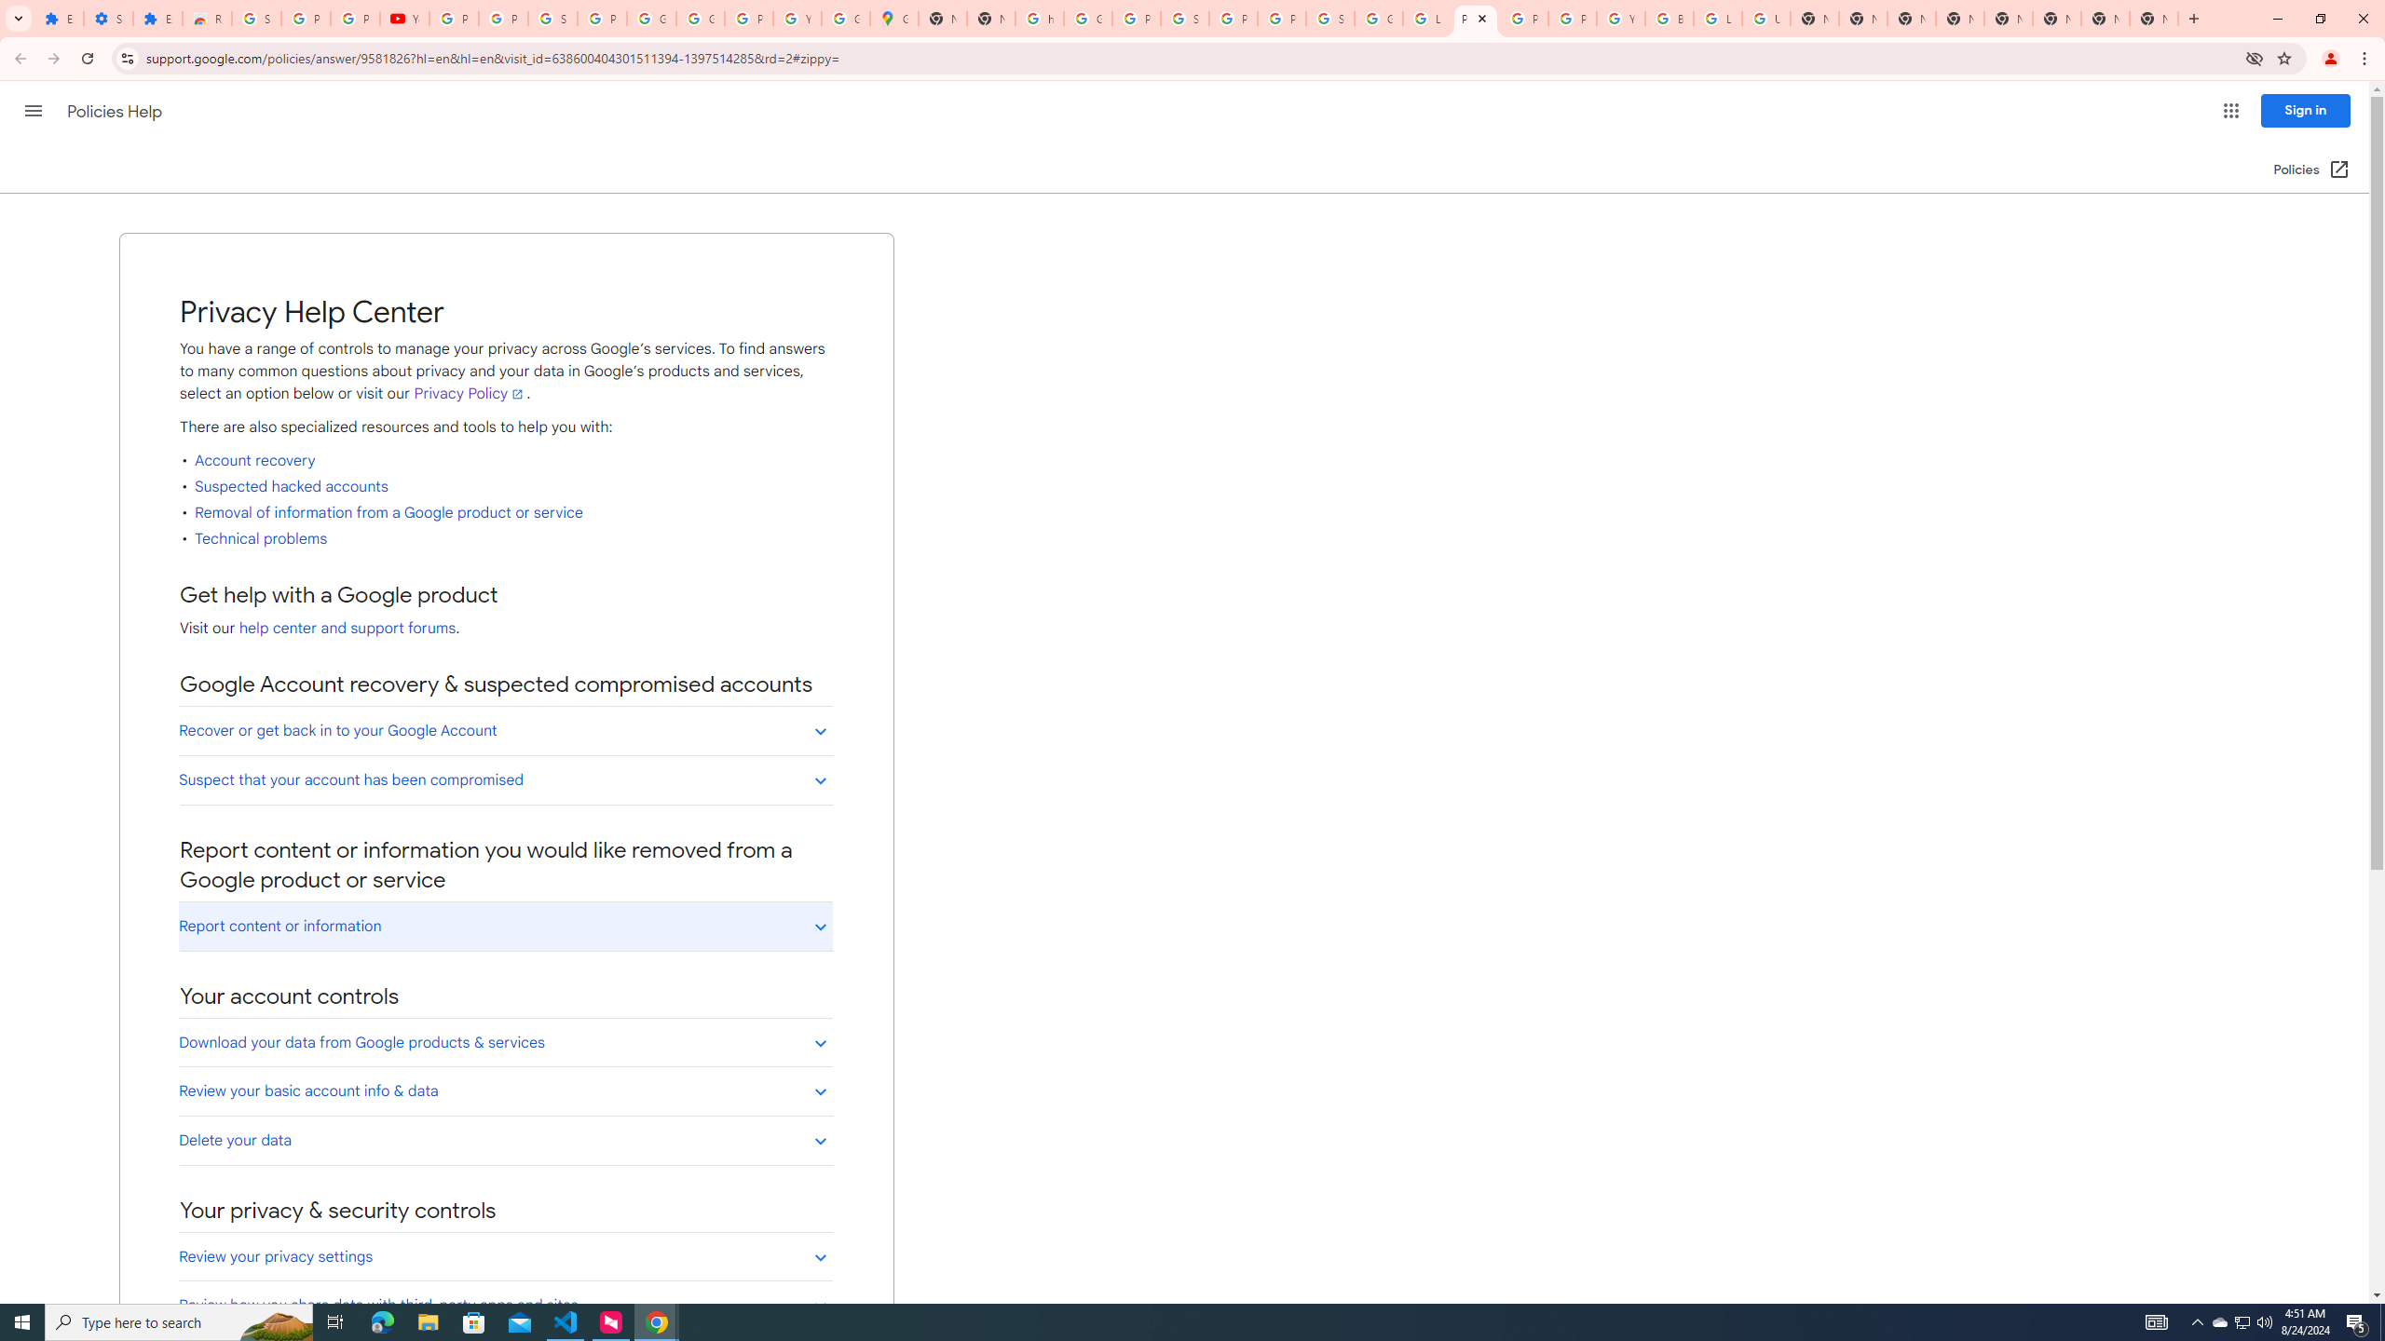 The width and height of the screenshot is (2385, 1341). I want to click on 'New Tab', so click(2153, 18).